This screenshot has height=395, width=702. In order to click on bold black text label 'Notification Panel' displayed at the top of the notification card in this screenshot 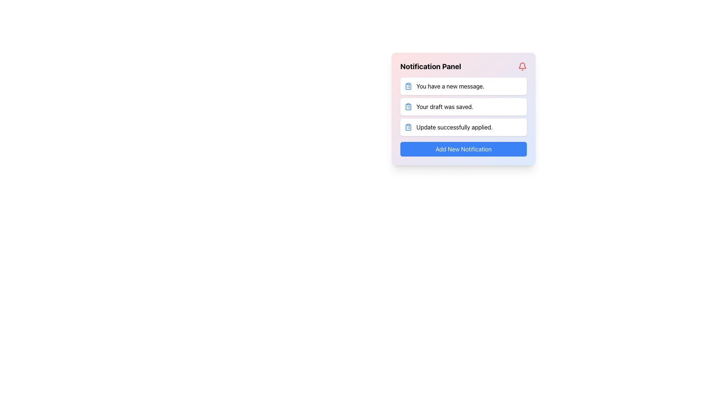, I will do `click(431, 66)`.